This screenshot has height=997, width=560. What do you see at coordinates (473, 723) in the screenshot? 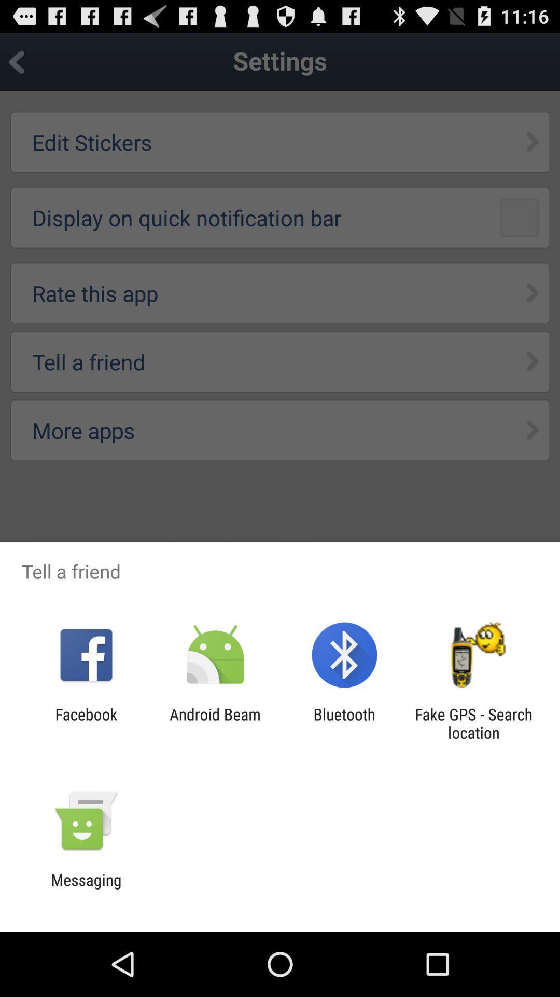
I see `the icon at the bottom right corner` at bounding box center [473, 723].